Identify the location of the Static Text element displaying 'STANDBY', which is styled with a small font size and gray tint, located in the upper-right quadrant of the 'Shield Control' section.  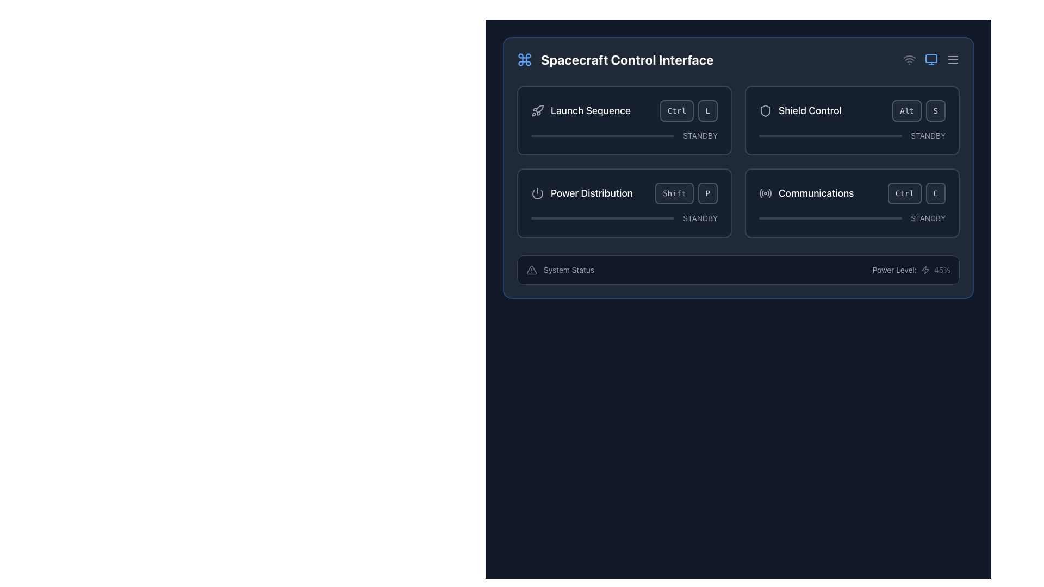
(928, 135).